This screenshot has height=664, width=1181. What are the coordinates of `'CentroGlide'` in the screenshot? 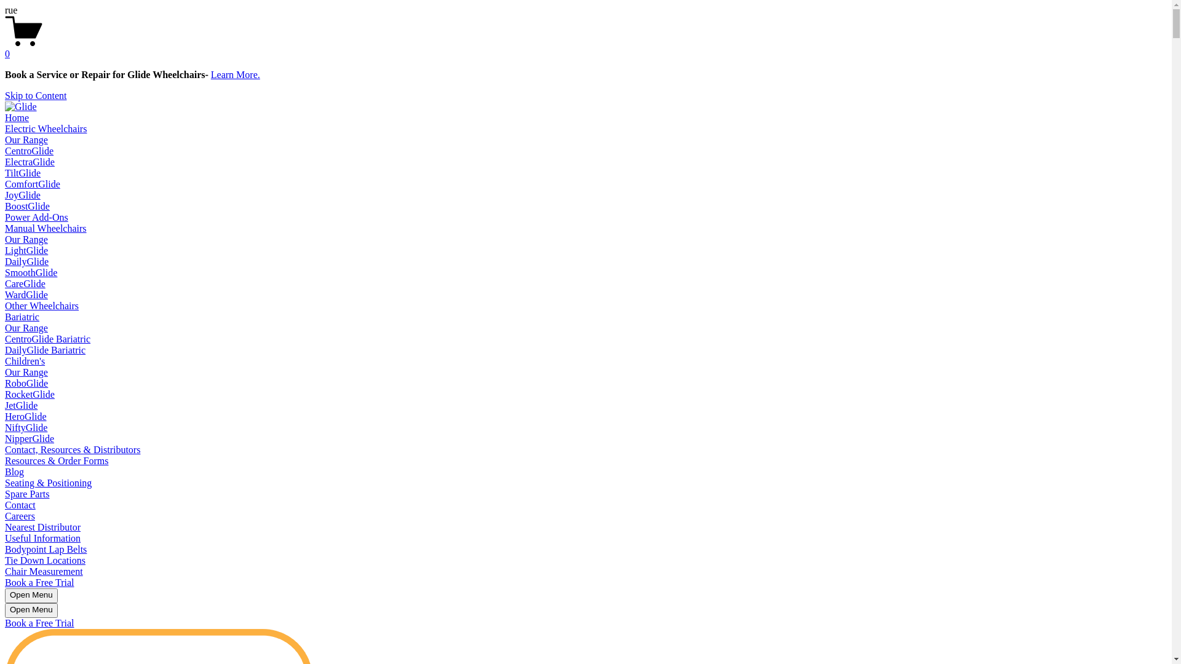 It's located at (29, 150).